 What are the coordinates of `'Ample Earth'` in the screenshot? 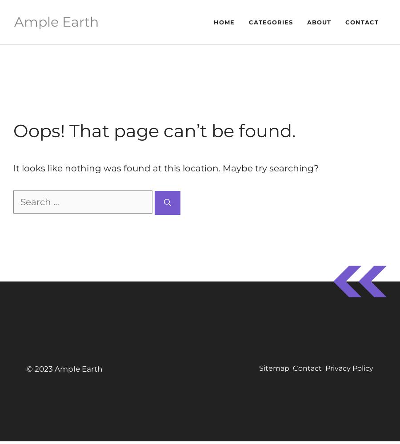 It's located at (56, 22).